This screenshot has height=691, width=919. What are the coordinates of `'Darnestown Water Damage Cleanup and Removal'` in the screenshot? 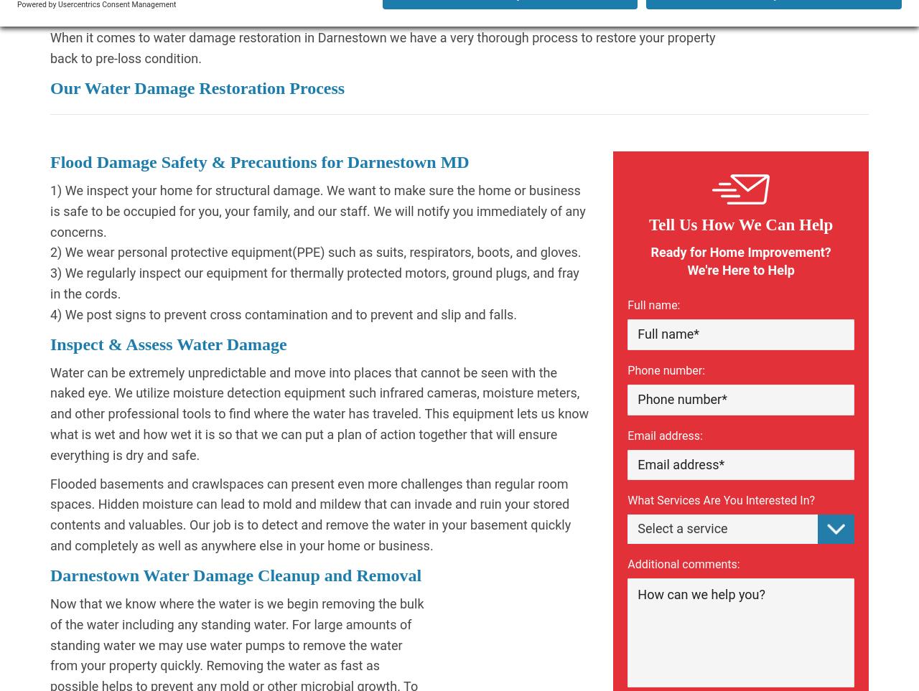 It's located at (235, 574).